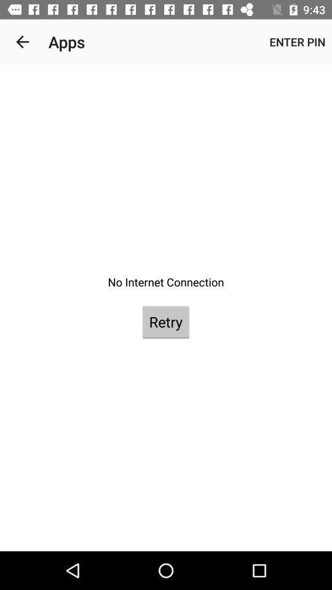 The image size is (332, 590). What do you see at coordinates (22, 42) in the screenshot?
I see `app next to apps` at bounding box center [22, 42].